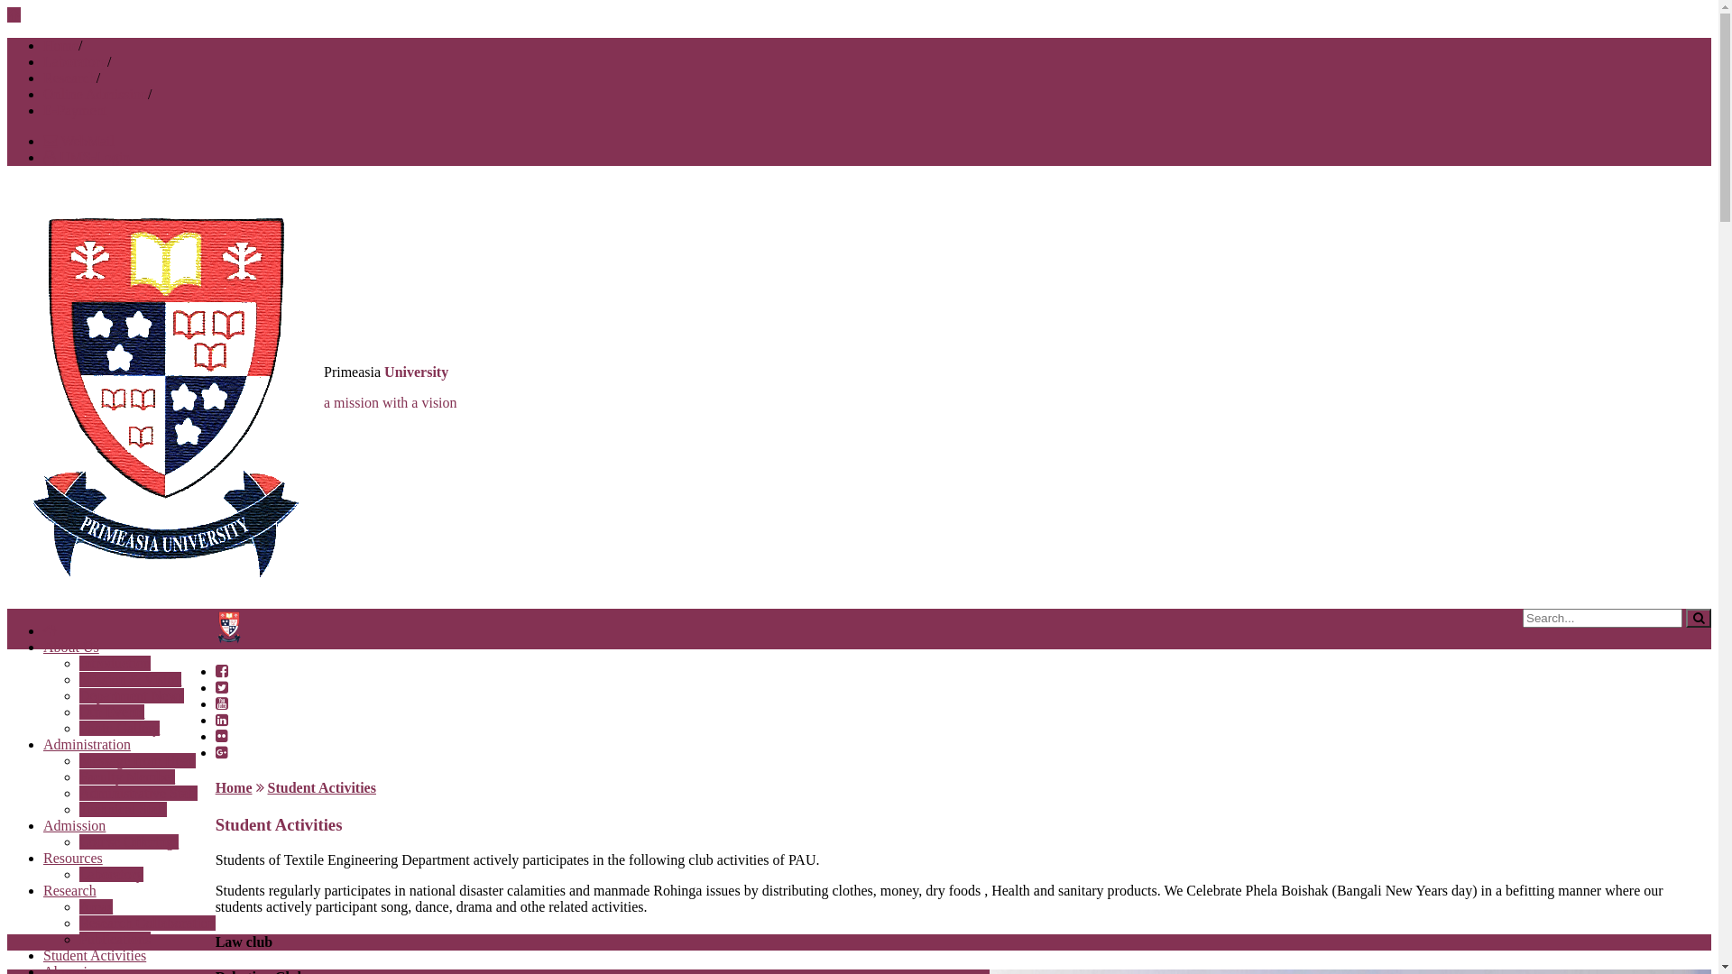  I want to click on 'Mission & Vision', so click(129, 679).